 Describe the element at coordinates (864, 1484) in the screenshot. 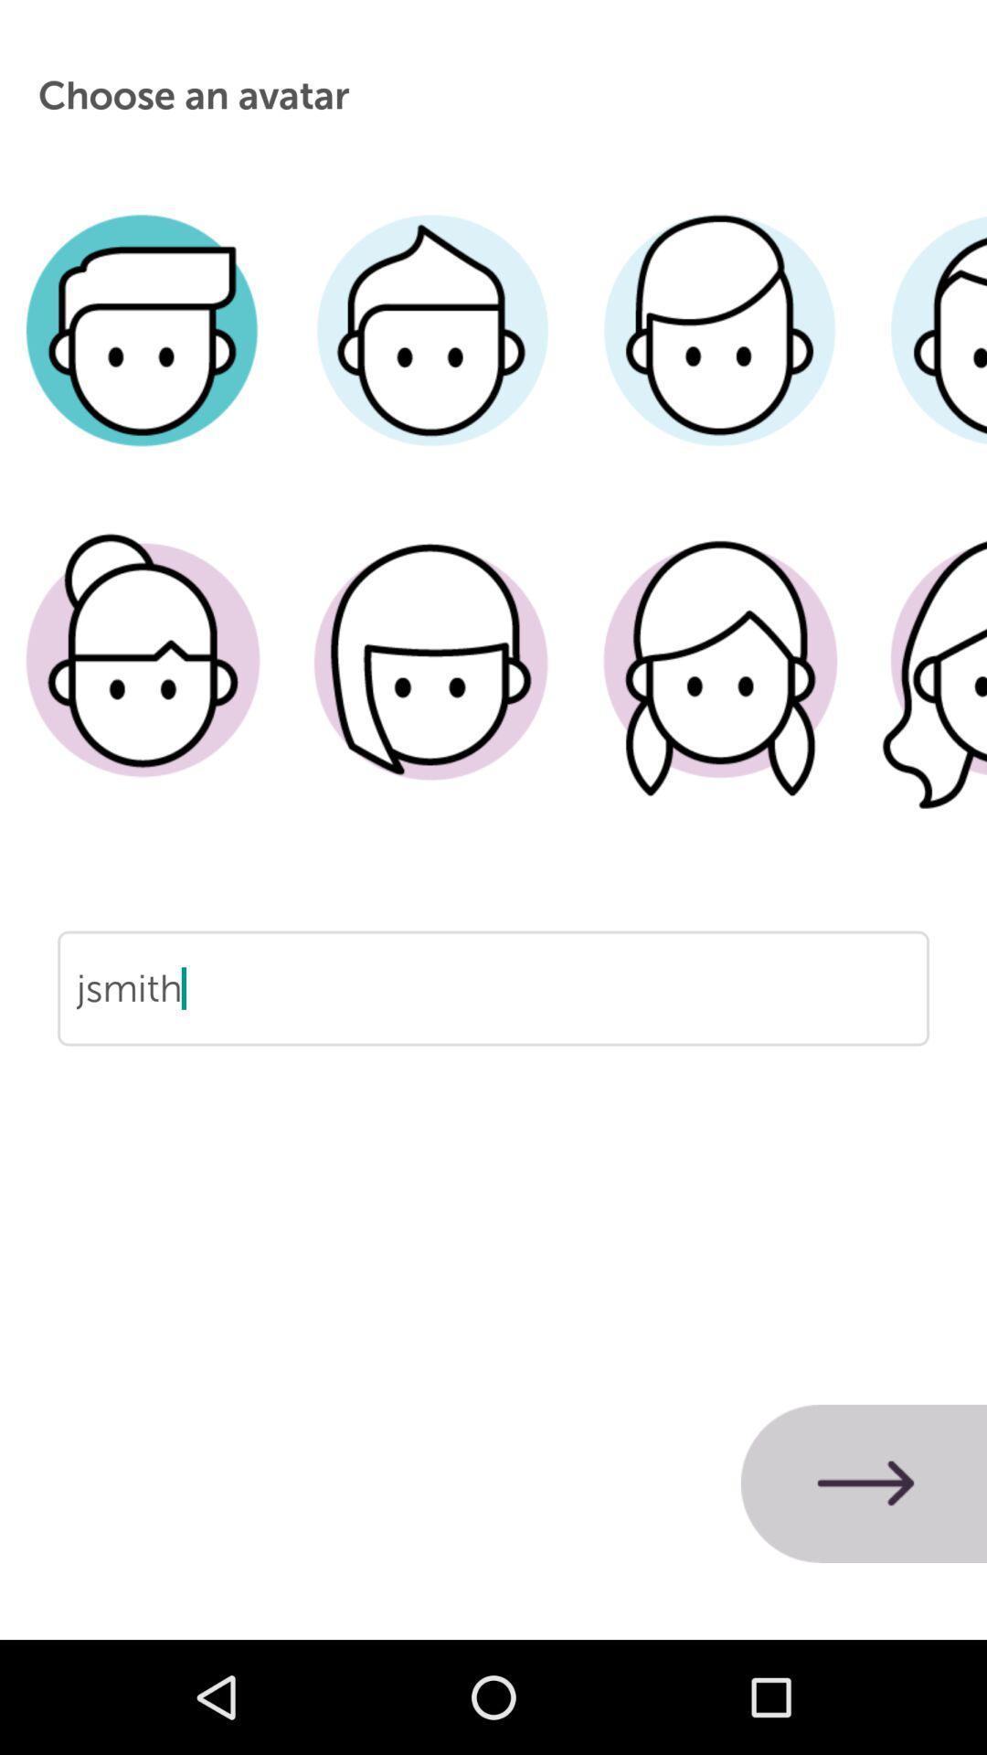

I see `go next` at that location.